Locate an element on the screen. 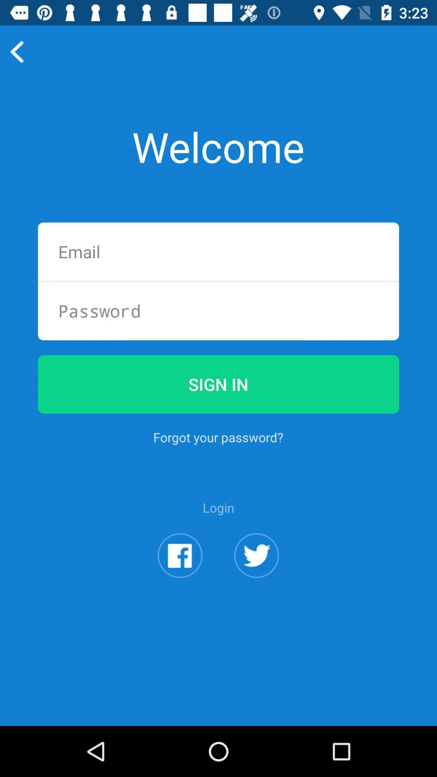 Image resolution: width=437 pixels, height=777 pixels. email input box is located at coordinates (218, 251).